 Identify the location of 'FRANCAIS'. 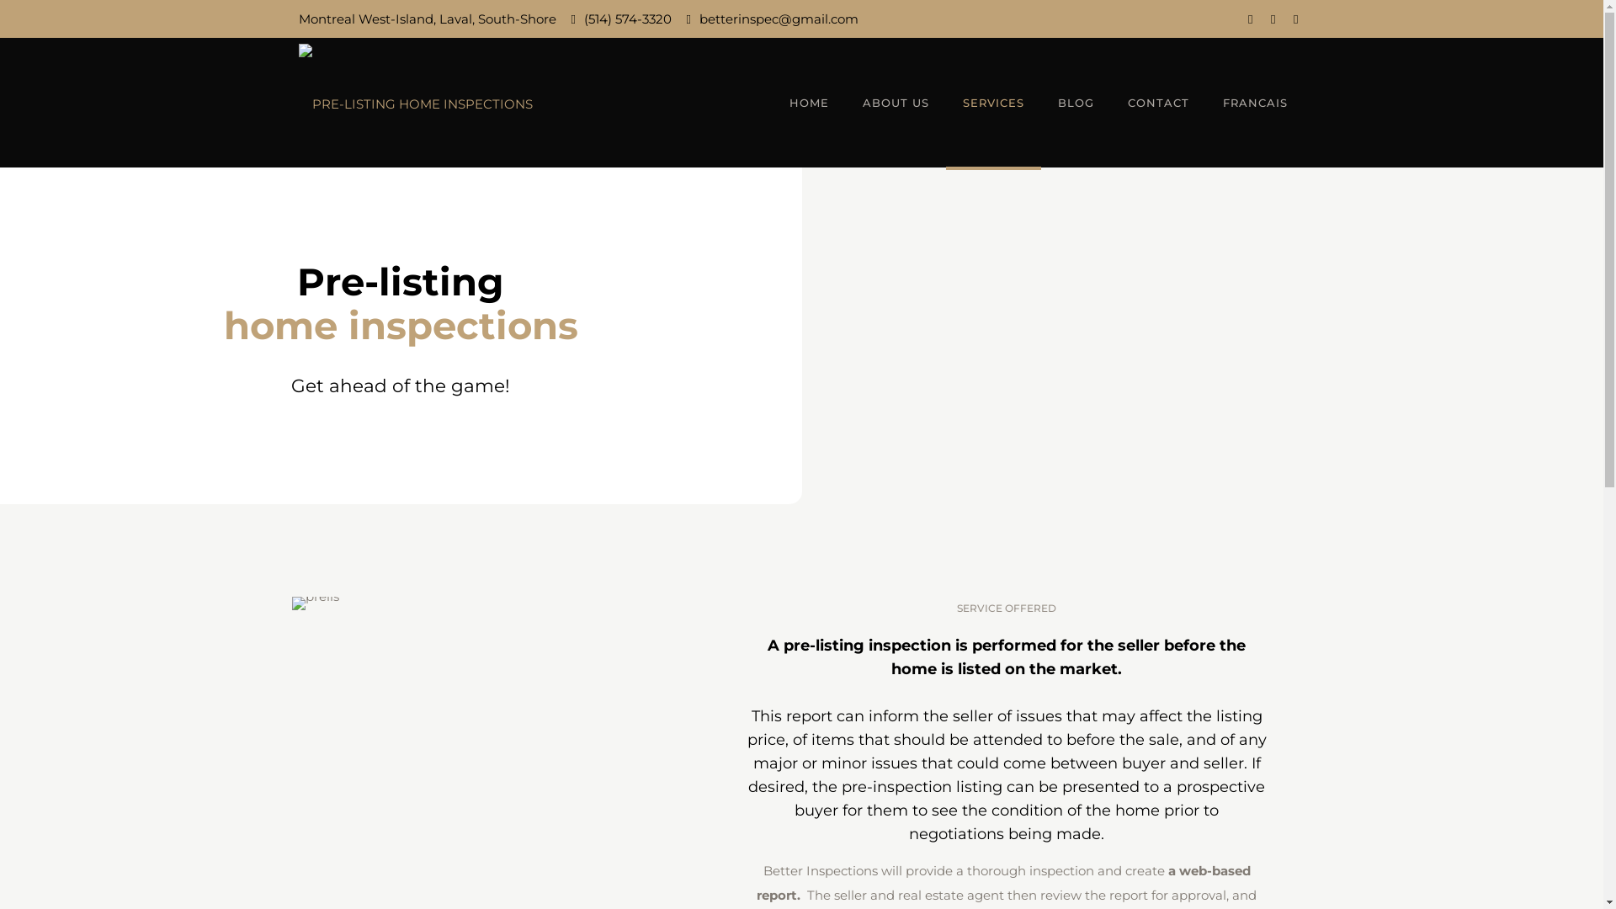
(1255, 102).